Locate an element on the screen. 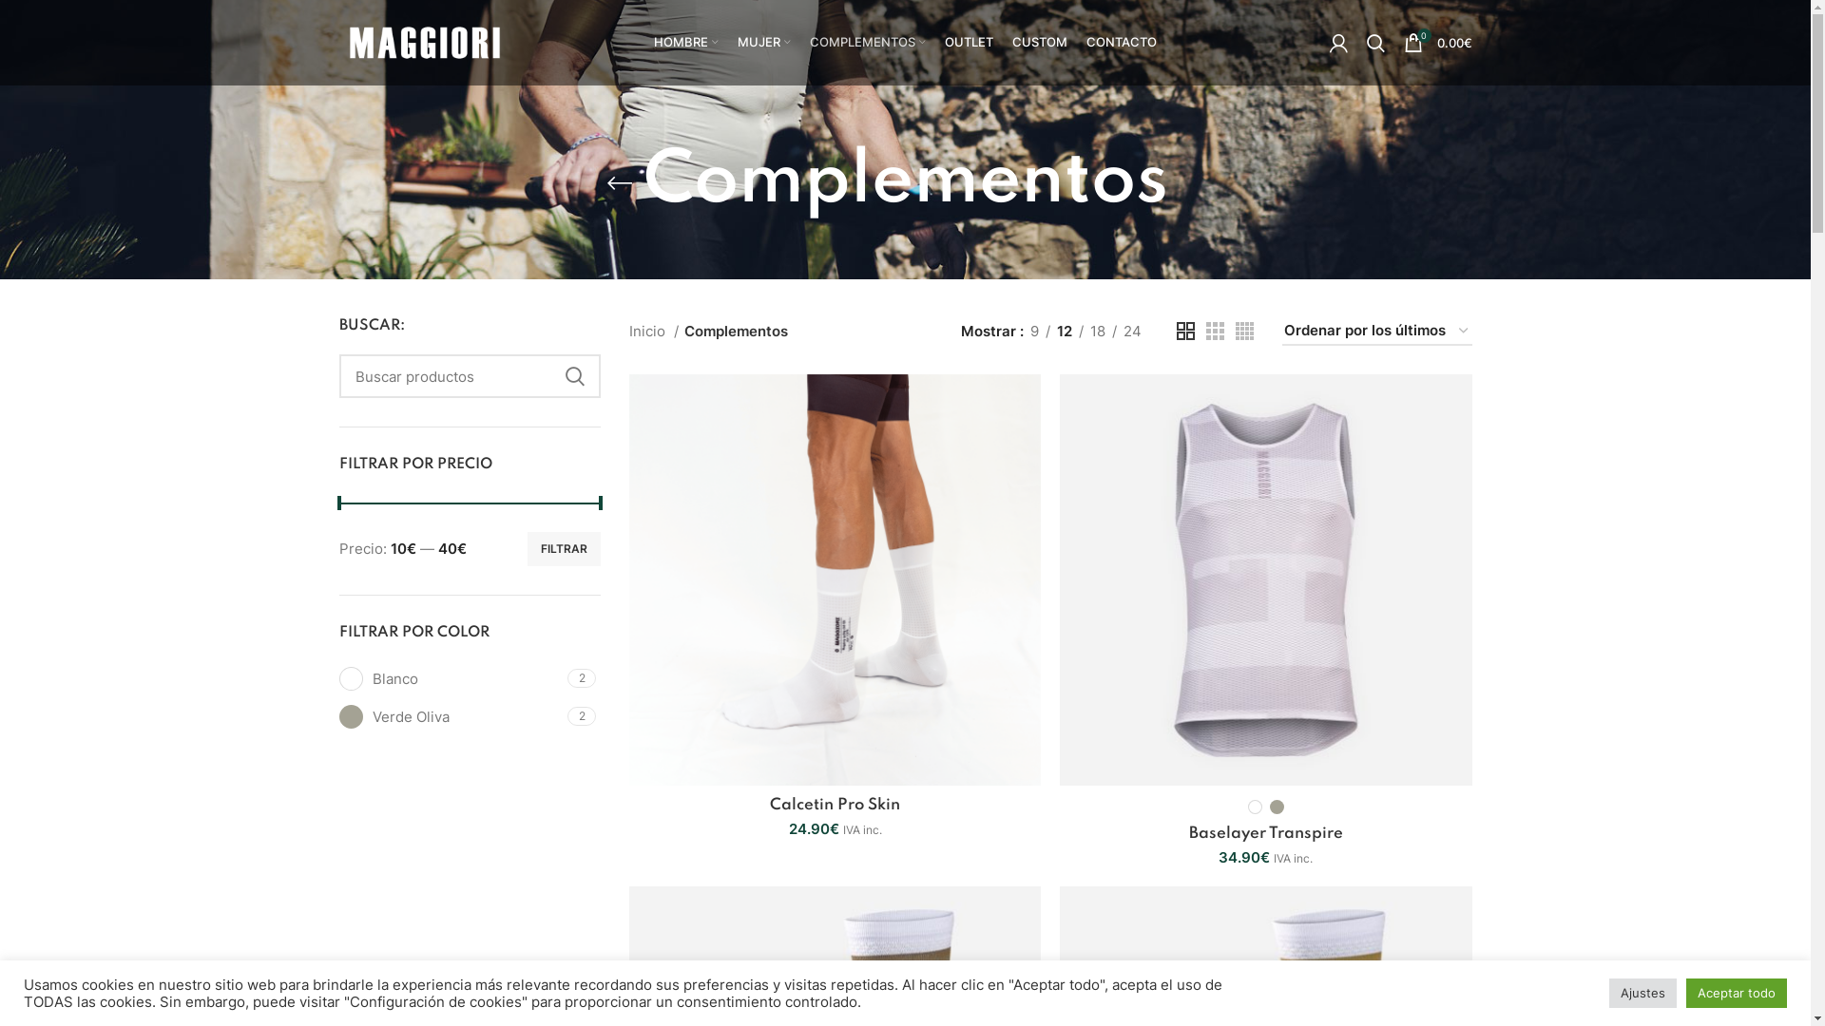 The image size is (1825, 1026). 'HOMBRE' is located at coordinates (684, 43).